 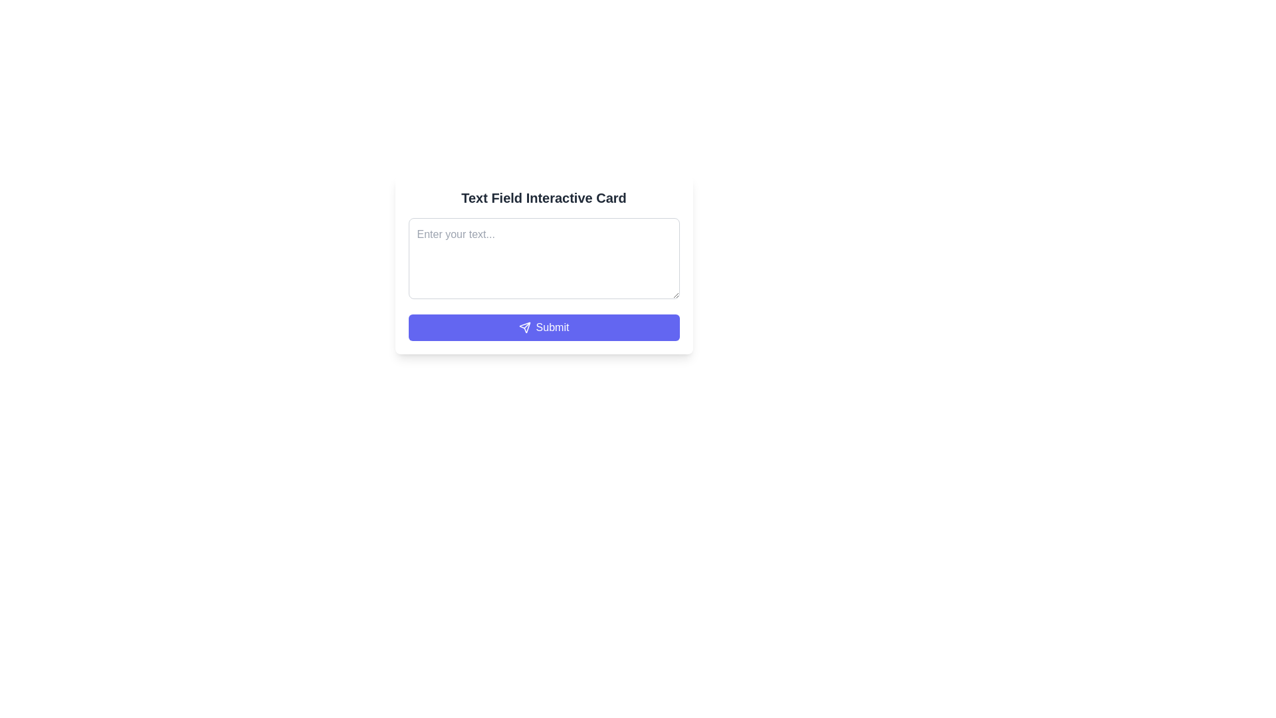 What do you see at coordinates (552, 328) in the screenshot?
I see `the 'Submit' button label, which is displayed in white text on a blue background, located at the bottom of the form, visually associated with an icon to the left` at bounding box center [552, 328].